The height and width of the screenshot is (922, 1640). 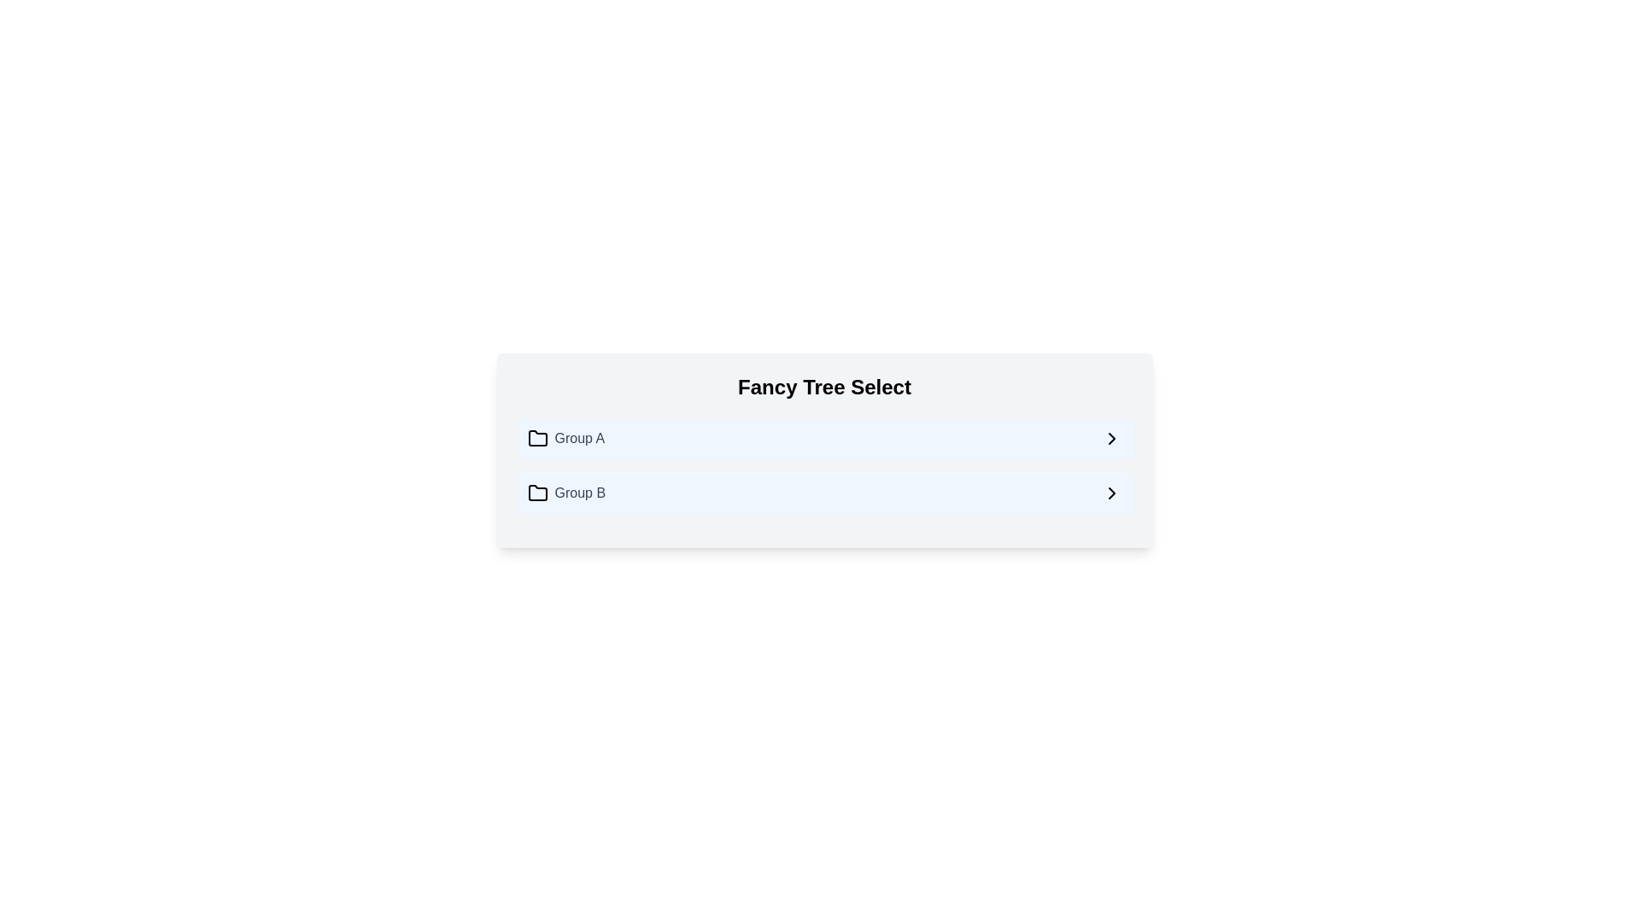 I want to click on the folder icon in the second list item labeled 'Group B', which is positioned to the left of the text 'Group B', so click(x=536, y=493).